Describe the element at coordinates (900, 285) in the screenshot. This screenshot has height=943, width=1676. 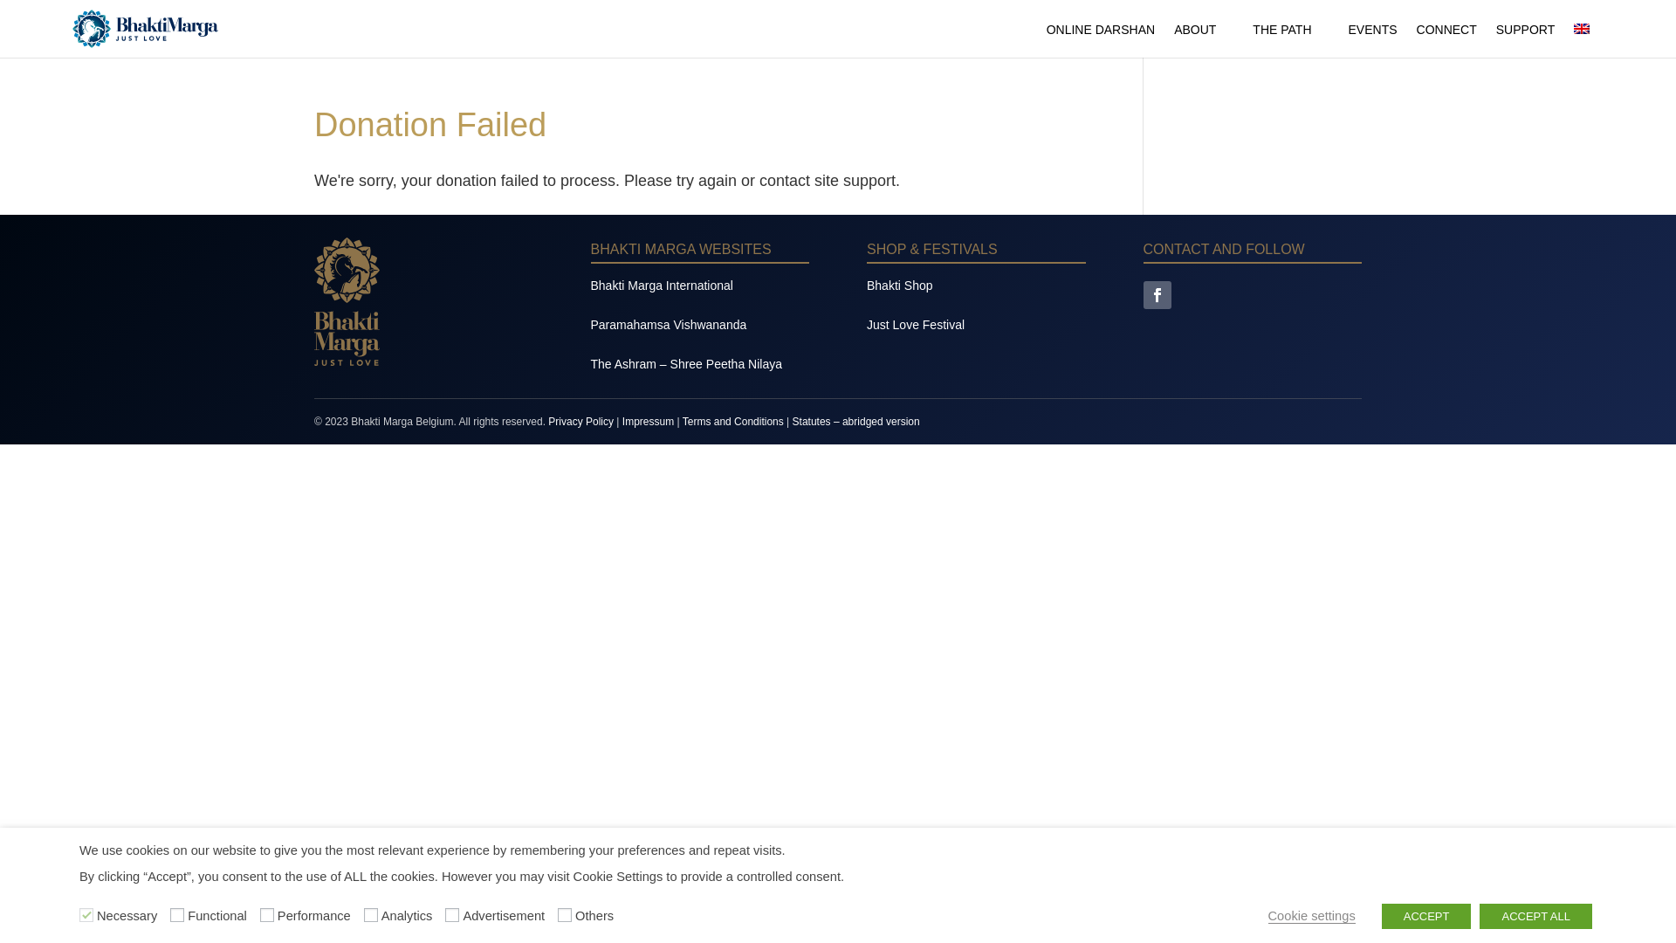
I see `'Bhakti Shop'` at that location.